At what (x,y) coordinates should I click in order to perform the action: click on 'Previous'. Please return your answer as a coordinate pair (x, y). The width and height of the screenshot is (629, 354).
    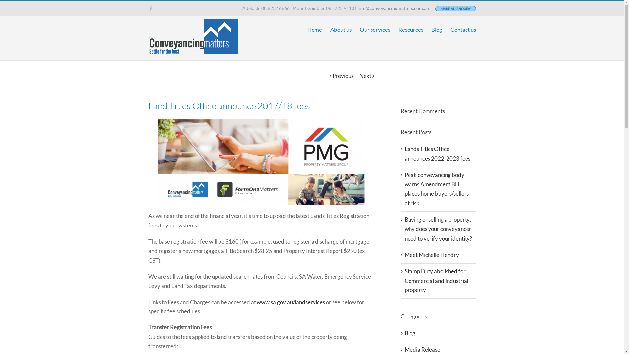
    Looking at the image, I should click on (342, 75).